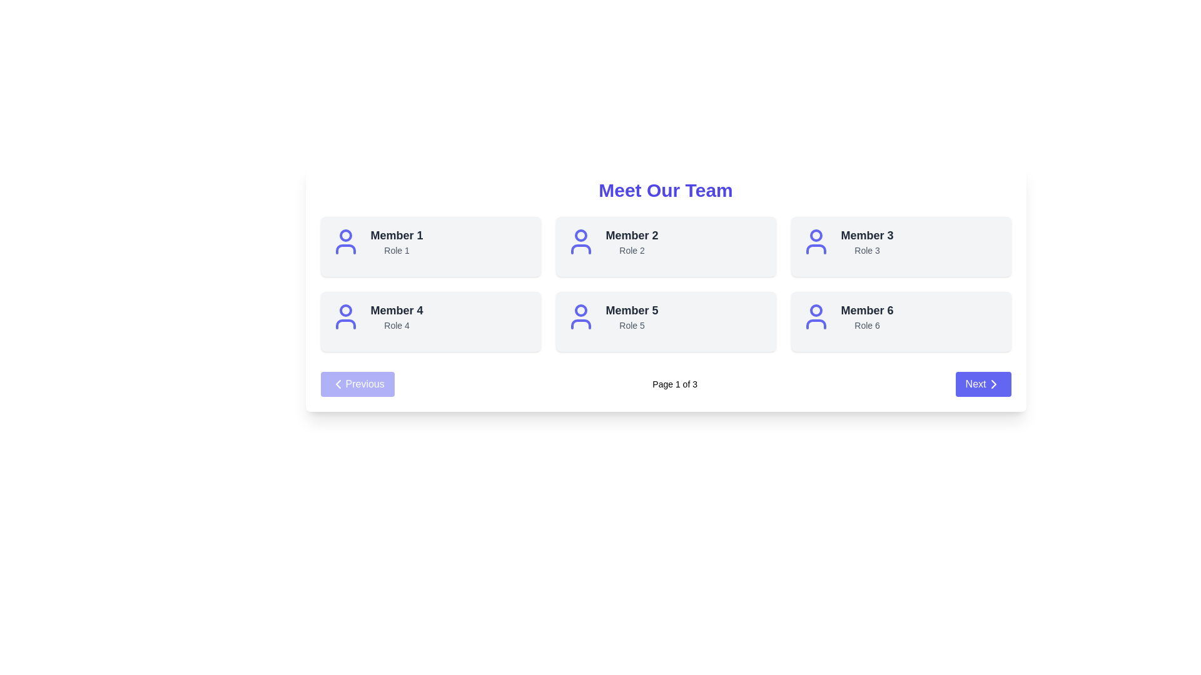 This screenshot has height=675, width=1201. I want to click on the third card component in a 3-column grid layout, which displays 'Member 3' and 'Role 3', so click(901, 246).